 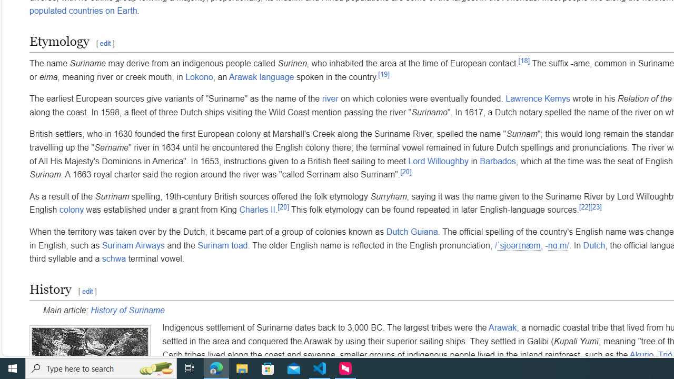 I want to click on 'Dutch Guiana', so click(x=411, y=231).